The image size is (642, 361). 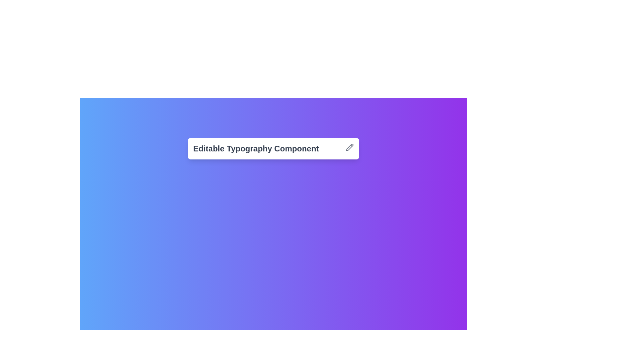 I want to click on the 'Editable Typography Component' text to select and edit it, so click(x=273, y=148).